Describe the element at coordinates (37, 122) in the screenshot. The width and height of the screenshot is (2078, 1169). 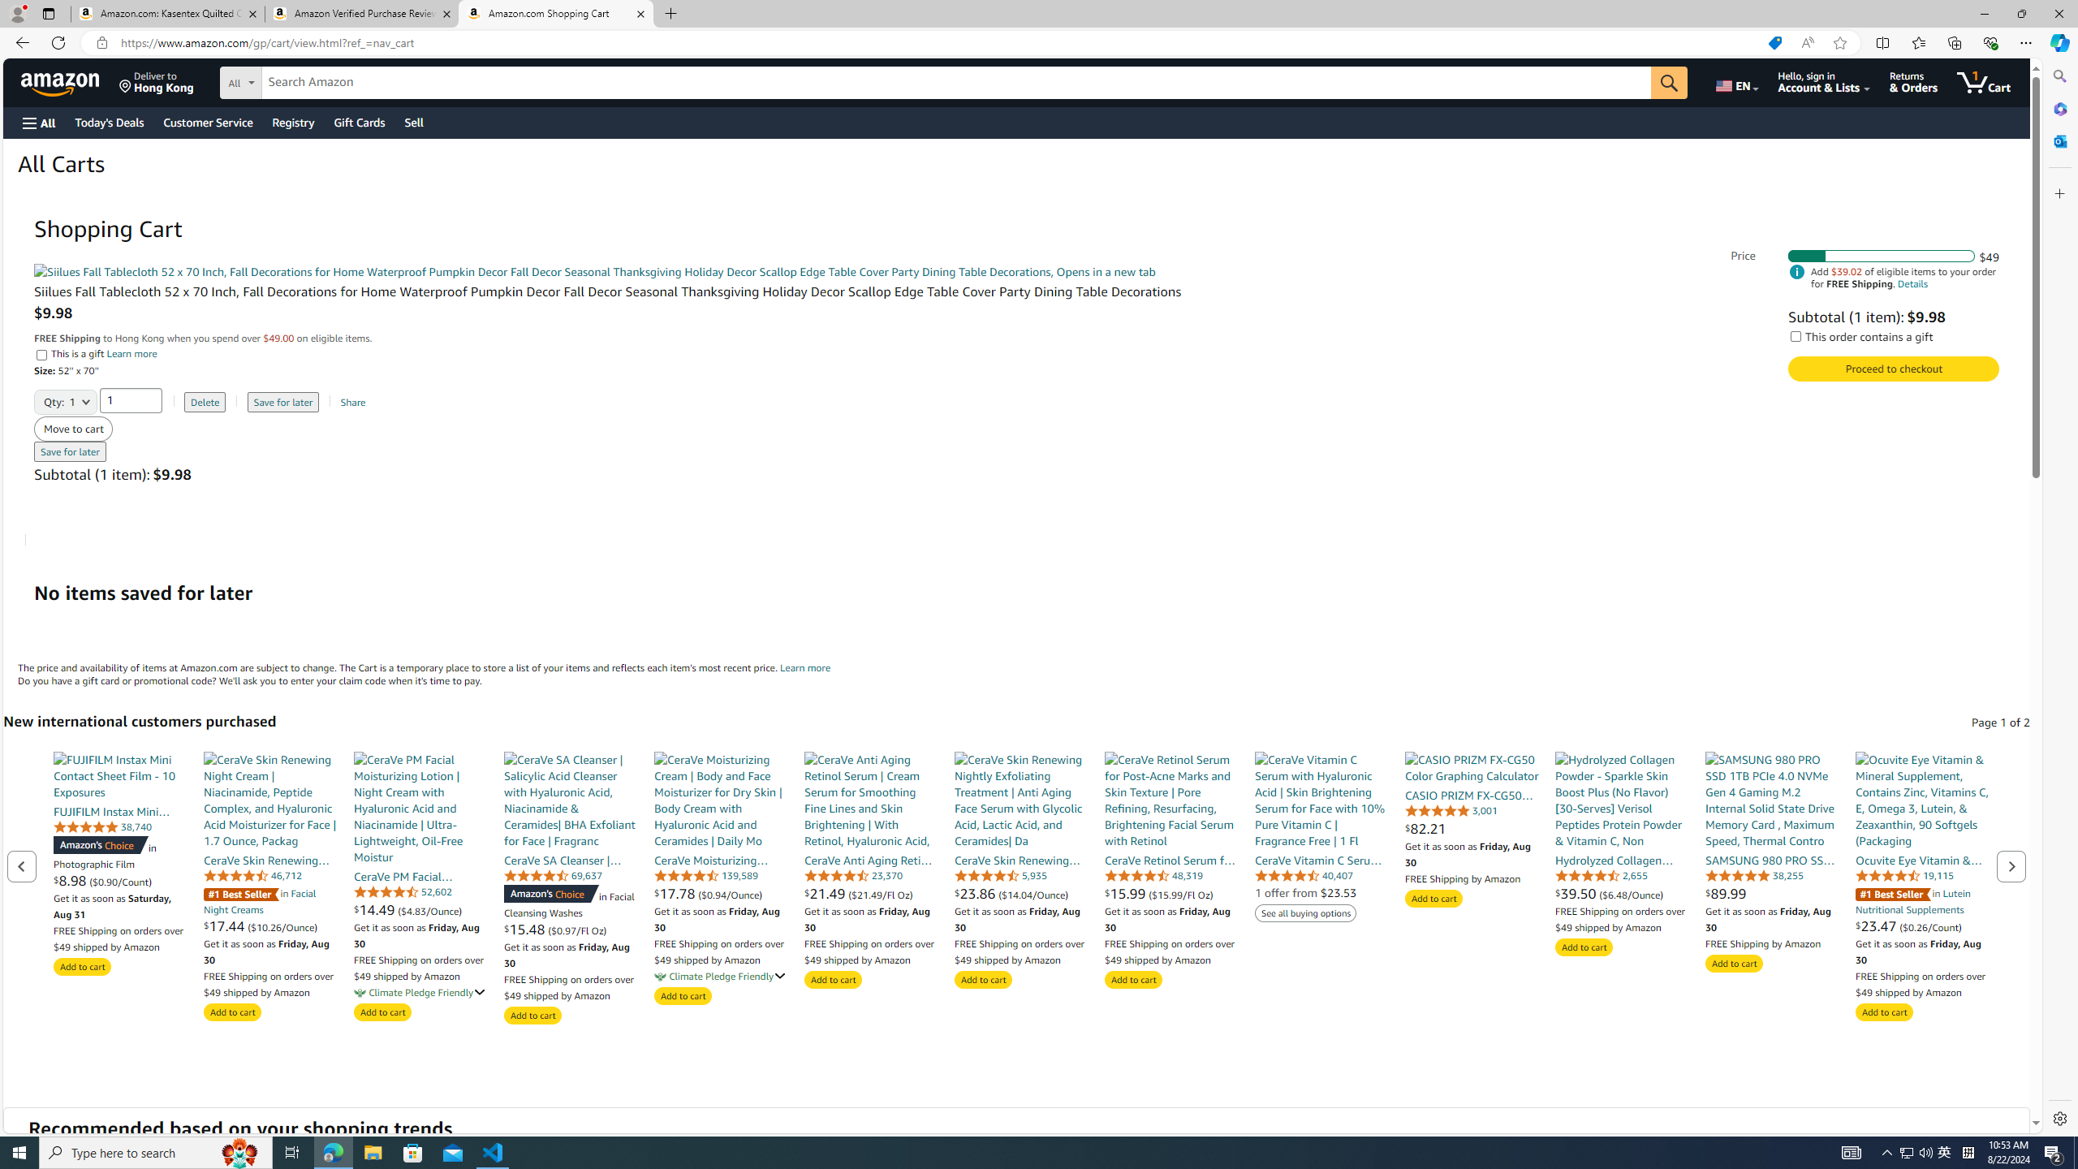
I see `'Open Menu'` at that location.